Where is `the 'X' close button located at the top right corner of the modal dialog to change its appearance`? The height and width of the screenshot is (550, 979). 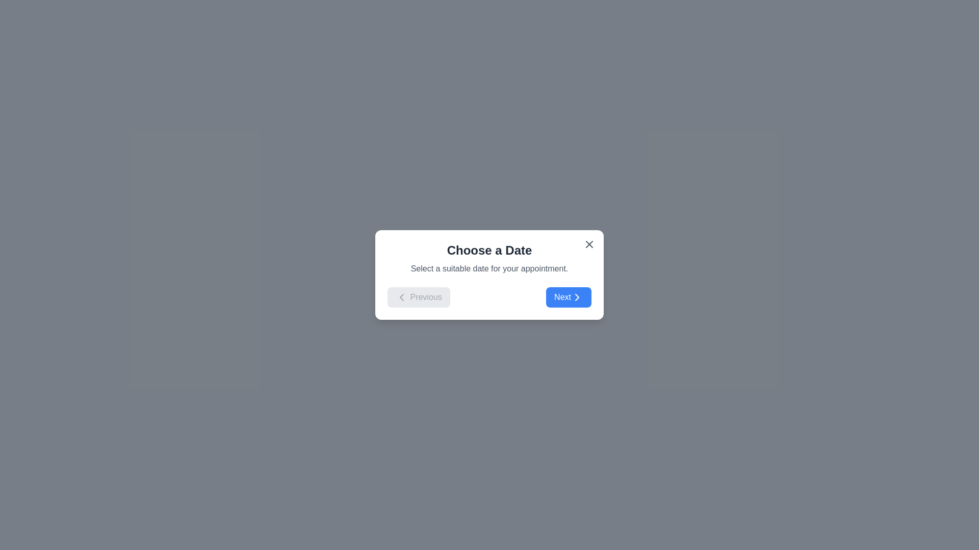
the 'X' close button located at the top right corner of the modal dialog to change its appearance is located at coordinates (589, 243).